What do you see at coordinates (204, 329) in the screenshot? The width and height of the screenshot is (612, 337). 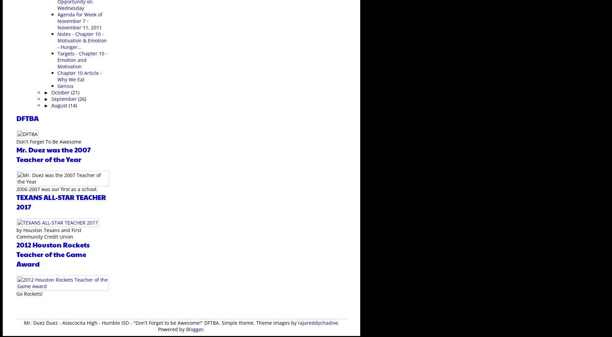 I see `'.'` at bounding box center [204, 329].